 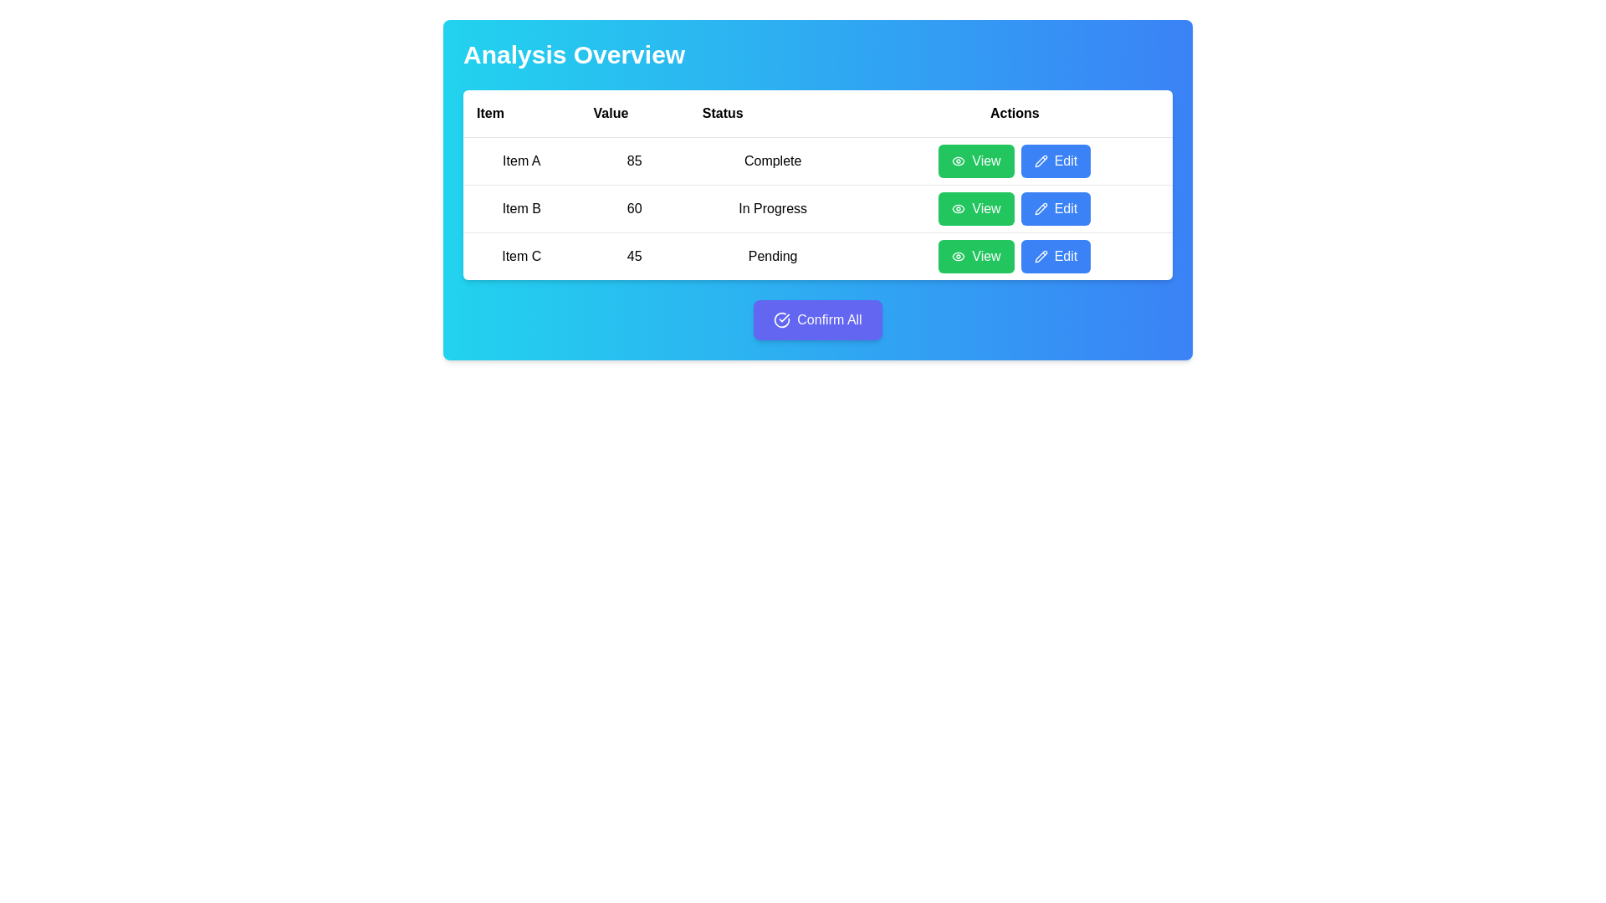 I want to click on the 'View' or 'Edit' button in the Actions column of the table, located at the bottom row adjacent to the 'Pending' status of 'Item C', so click(x=1014, y=257).